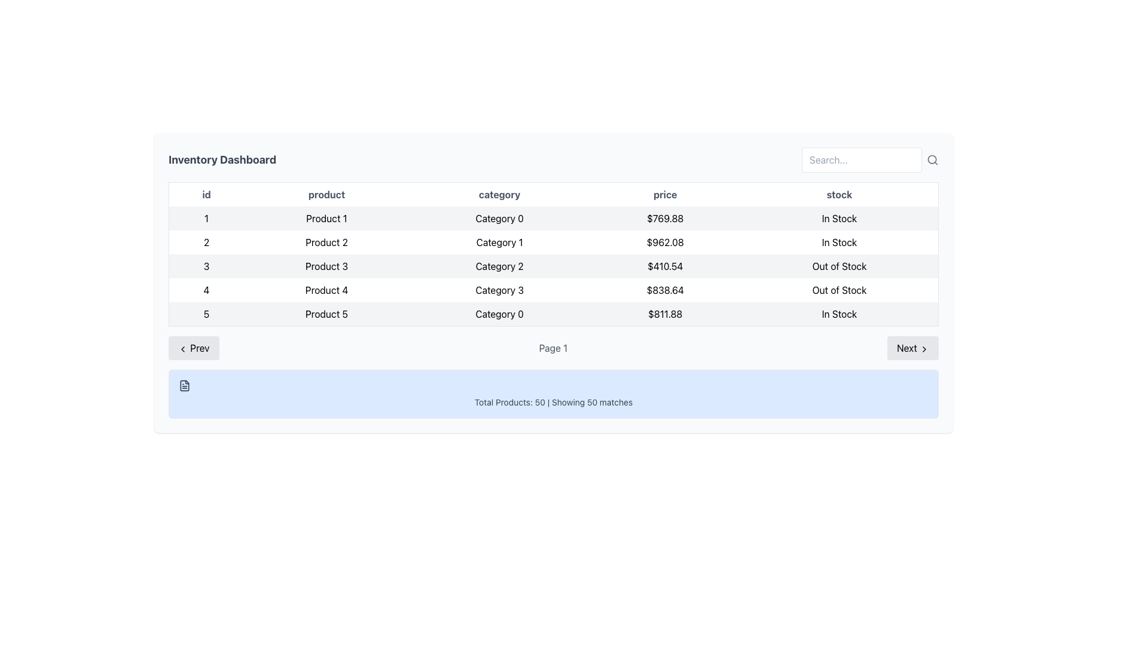 This screenshot has width=1148, height=645. What do you see at coordinates (932, 159) in the screenshot?
I see `the search icon located directly to the right of the search input field, which visually indicates the search functionality` at bounding box center [932, 159].